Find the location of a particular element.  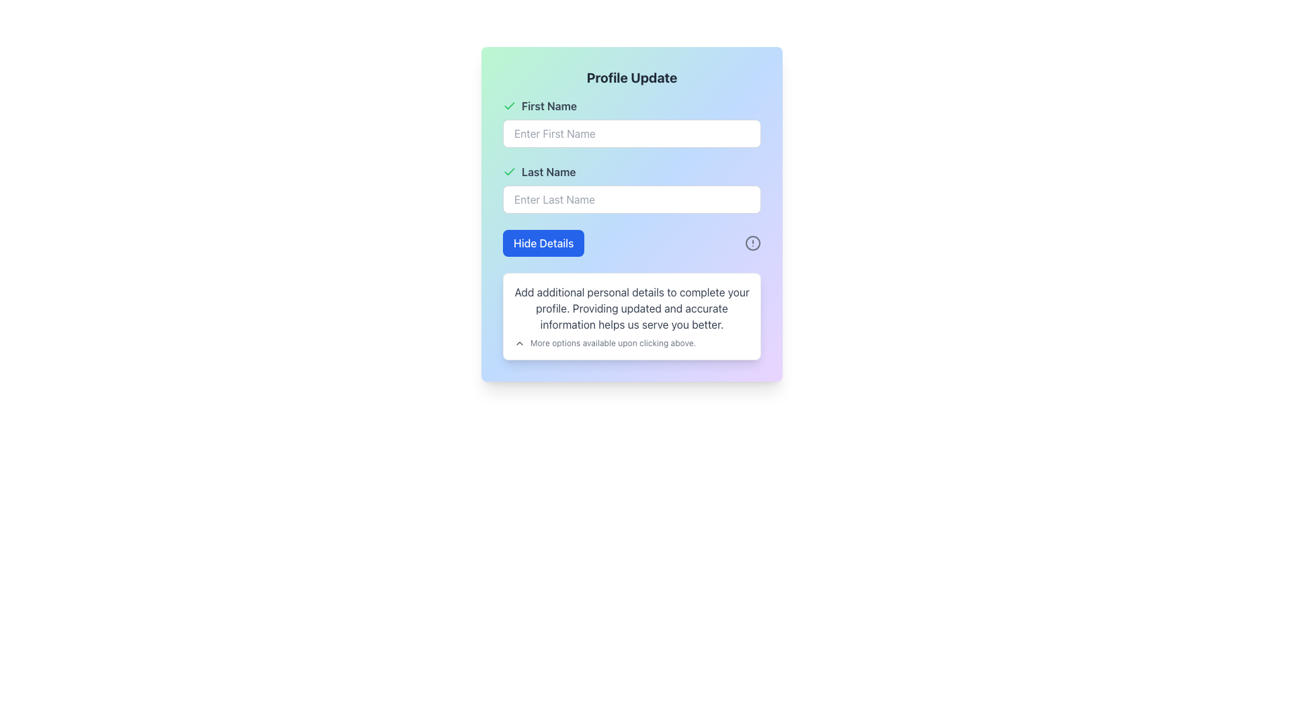

the 'First Name' text input field located under the 'Profile Update' heading to focus on it is located at coordinates (631, 122).